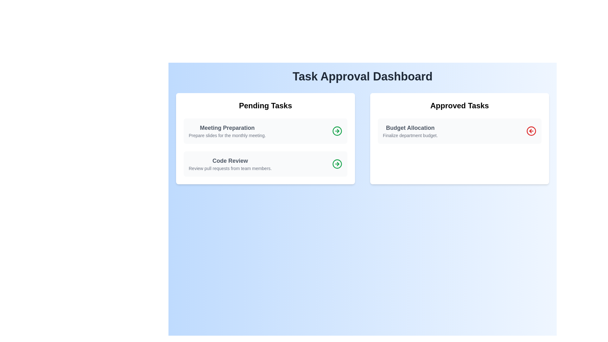 The height and width of the screenshot is (342, 608). Describe the element at coordinates (227, 135) in the screenshot. I see `the text label that reads 'Prepare slides for the monthly meeting.' in grey font located at the bottom of the 'Meeting Preparation' section in the 'Pending Tasks' card` at that location.